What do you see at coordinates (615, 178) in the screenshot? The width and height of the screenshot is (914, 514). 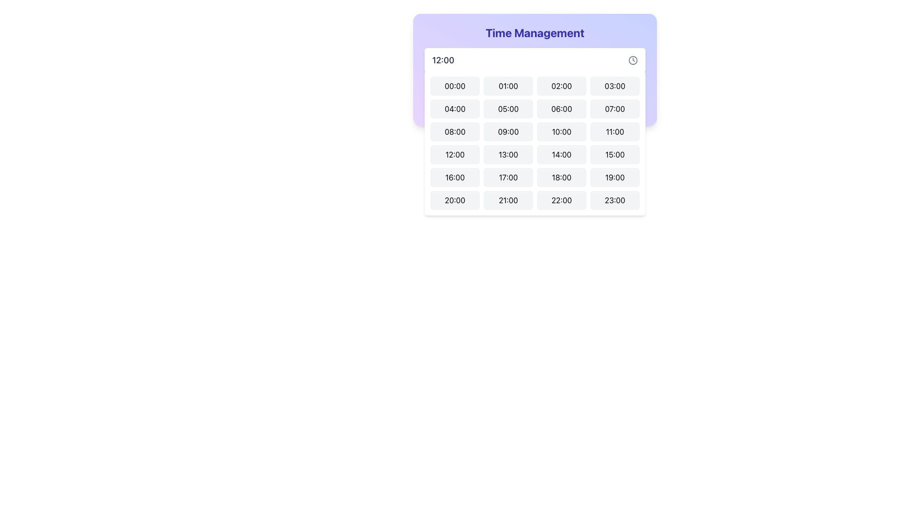 I see `the selectable time option button for '19:00', which is the seventh button in the last row of a 4-column grid layout, located in the bottom-right corner` at bounding box center [615, 178].